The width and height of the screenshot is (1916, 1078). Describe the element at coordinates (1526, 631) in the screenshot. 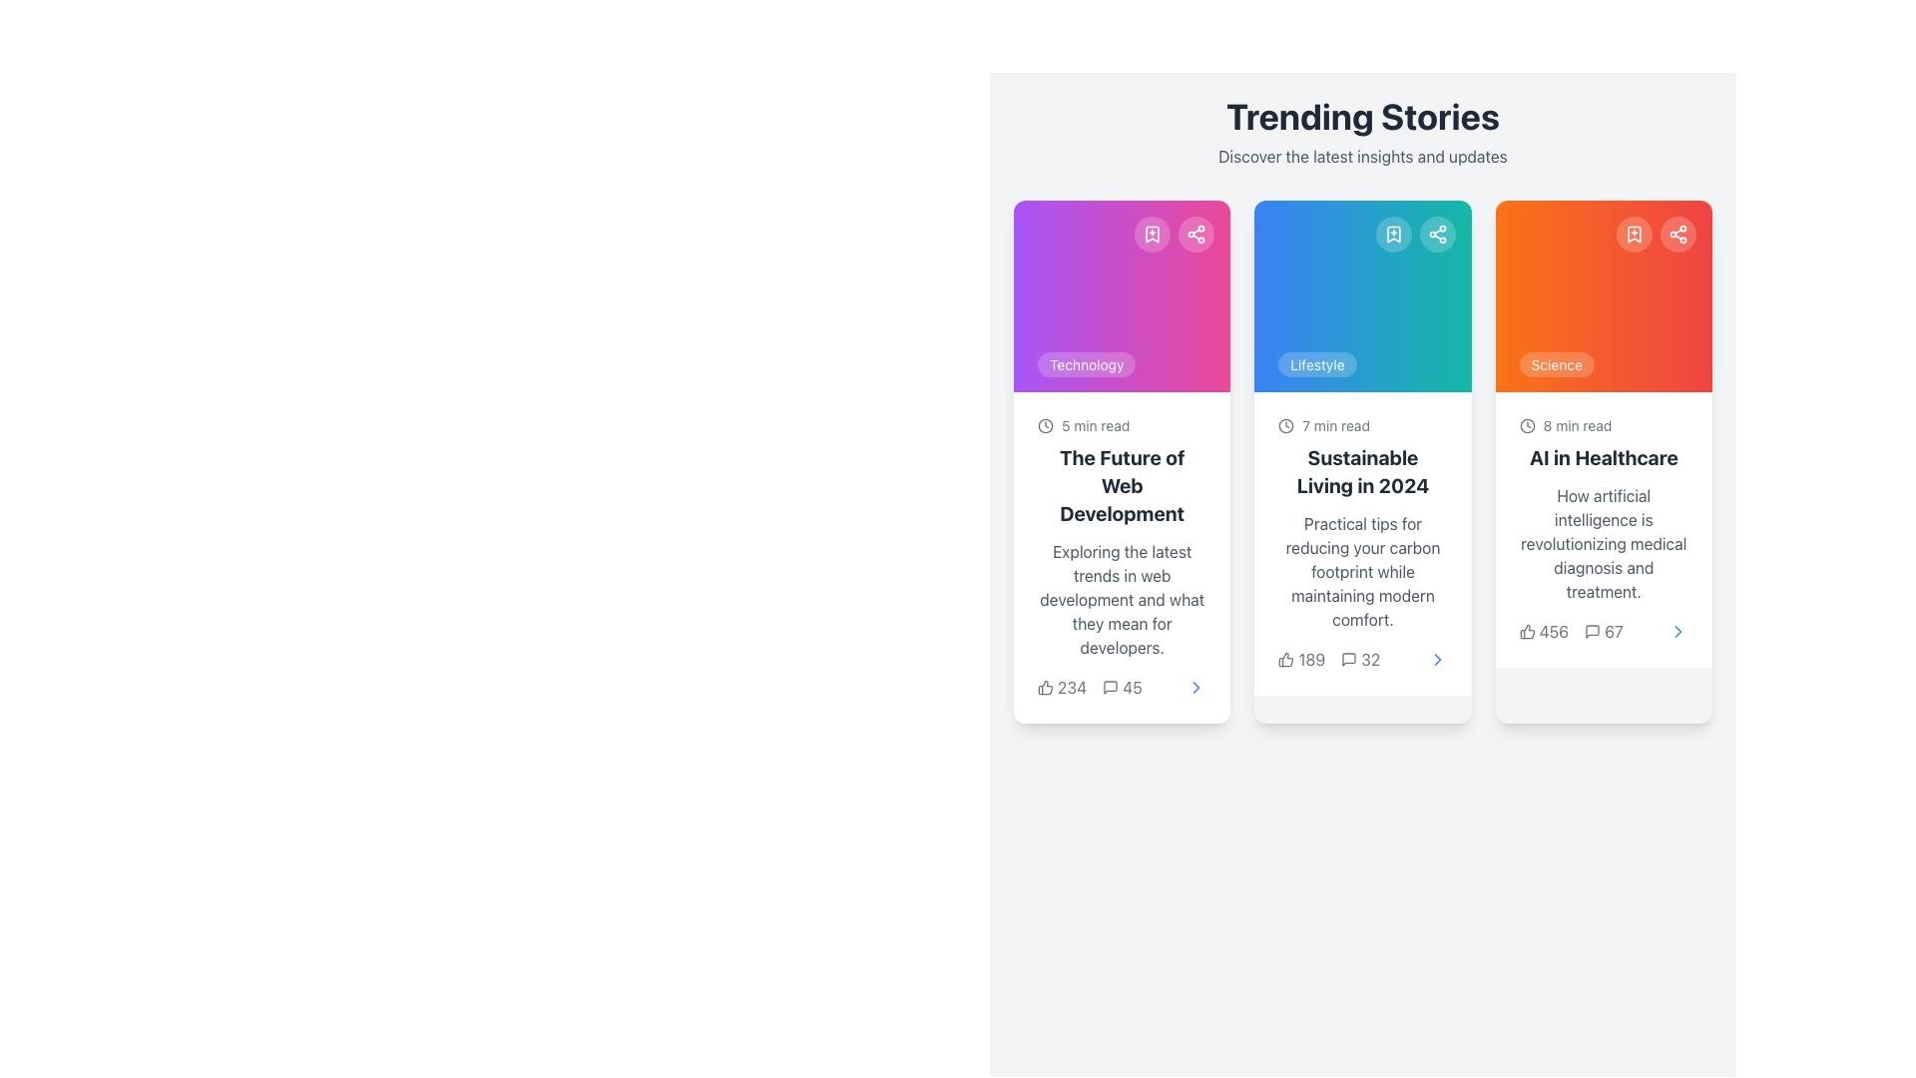

I see `the thumbs-up icon, which is a minimalist line art design located within the third card labeled 'Science', positioned to the left of the numerical value '456'` at that location.